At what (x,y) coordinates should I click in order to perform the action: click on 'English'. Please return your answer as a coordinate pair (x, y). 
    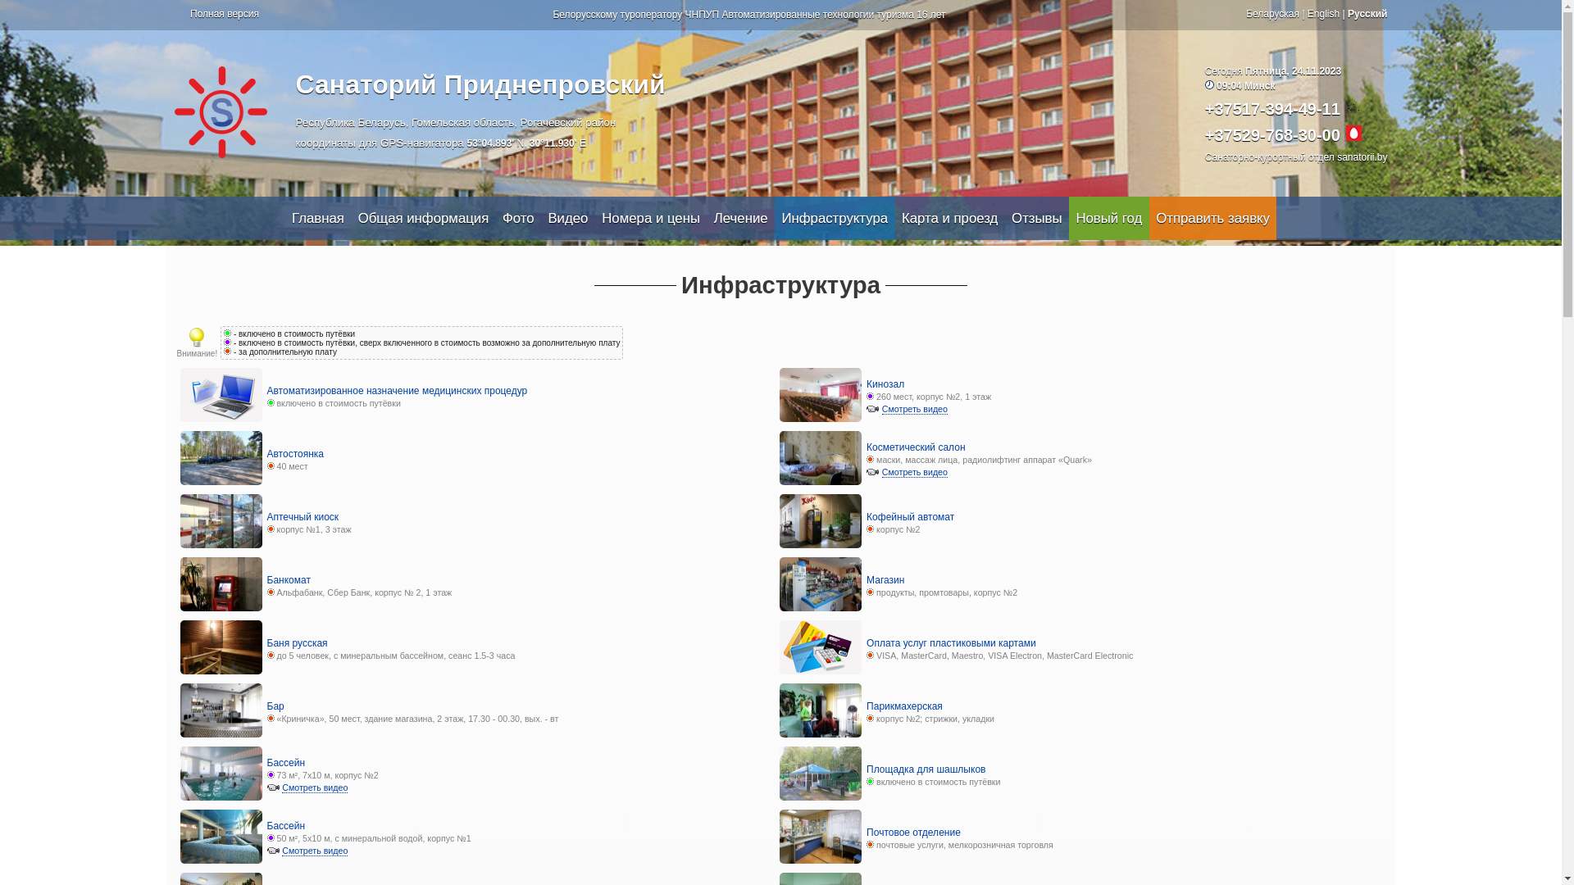
    Looking at the image, I should click on (1323, 13).